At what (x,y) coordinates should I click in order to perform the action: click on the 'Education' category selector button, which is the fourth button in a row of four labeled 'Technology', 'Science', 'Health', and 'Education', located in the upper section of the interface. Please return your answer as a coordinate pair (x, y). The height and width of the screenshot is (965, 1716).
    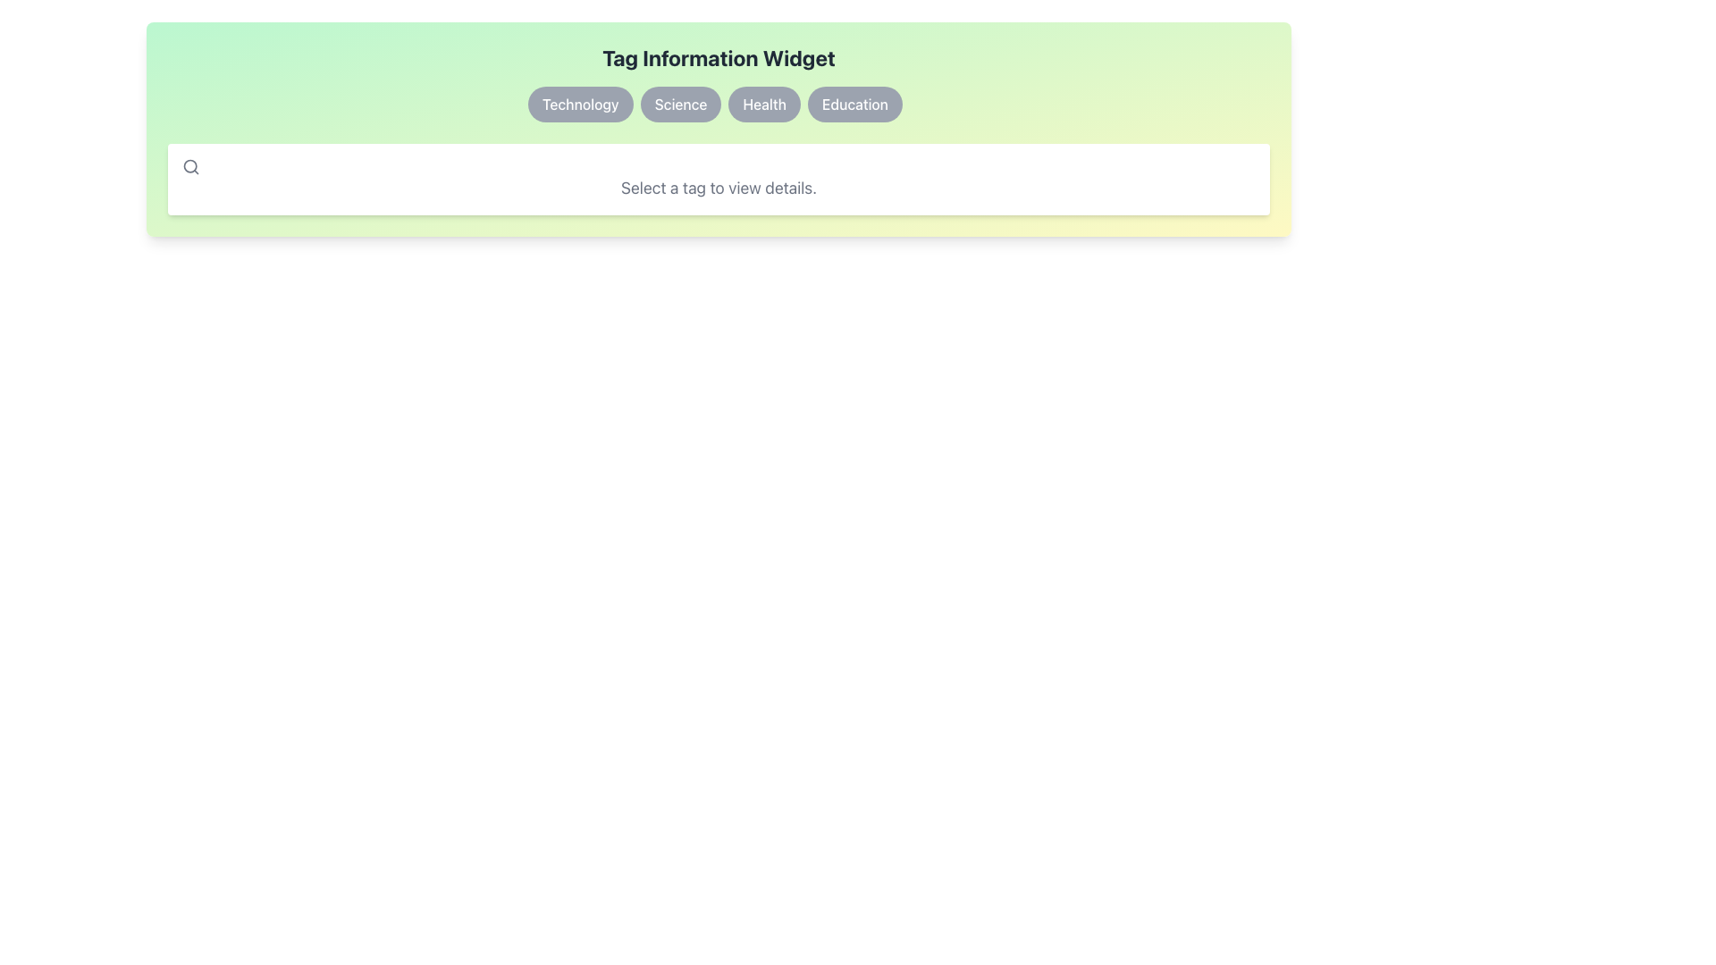
    Looking at the image, I should click on (854, 104).